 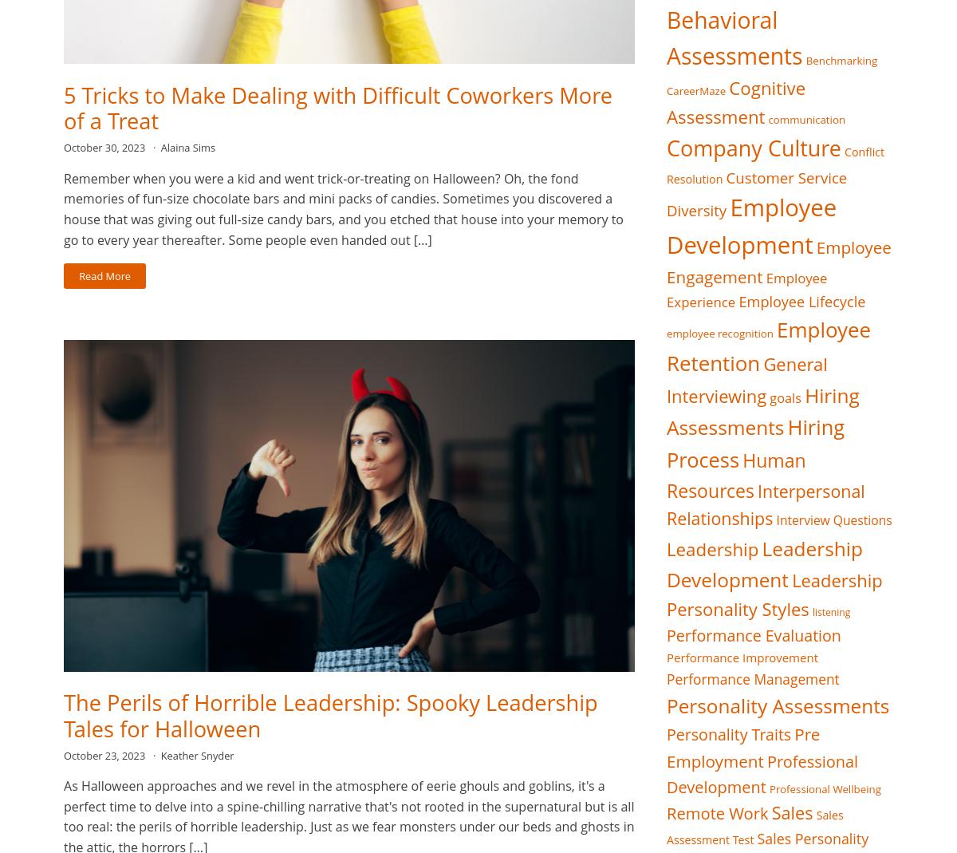 What do you see at coordinates (753, 677) in the screenshot?
I see `'Performance Management'` at bounding box center [753, 677].